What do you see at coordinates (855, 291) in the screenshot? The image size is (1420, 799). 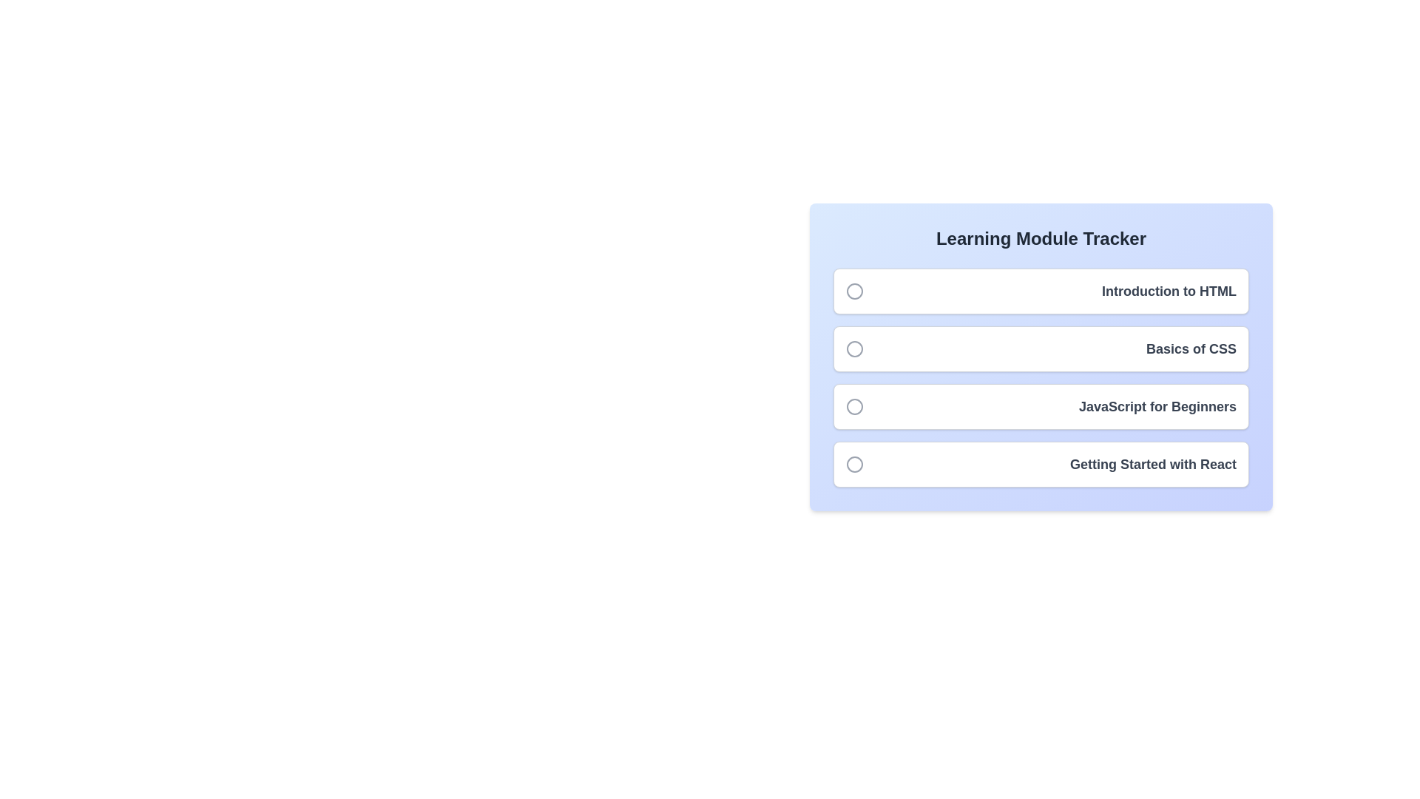 I see `the radio button with a circular icon and a thin gray stroke located to the left of the text 'Introduction to HTML'` at bounding box center [855, 291].